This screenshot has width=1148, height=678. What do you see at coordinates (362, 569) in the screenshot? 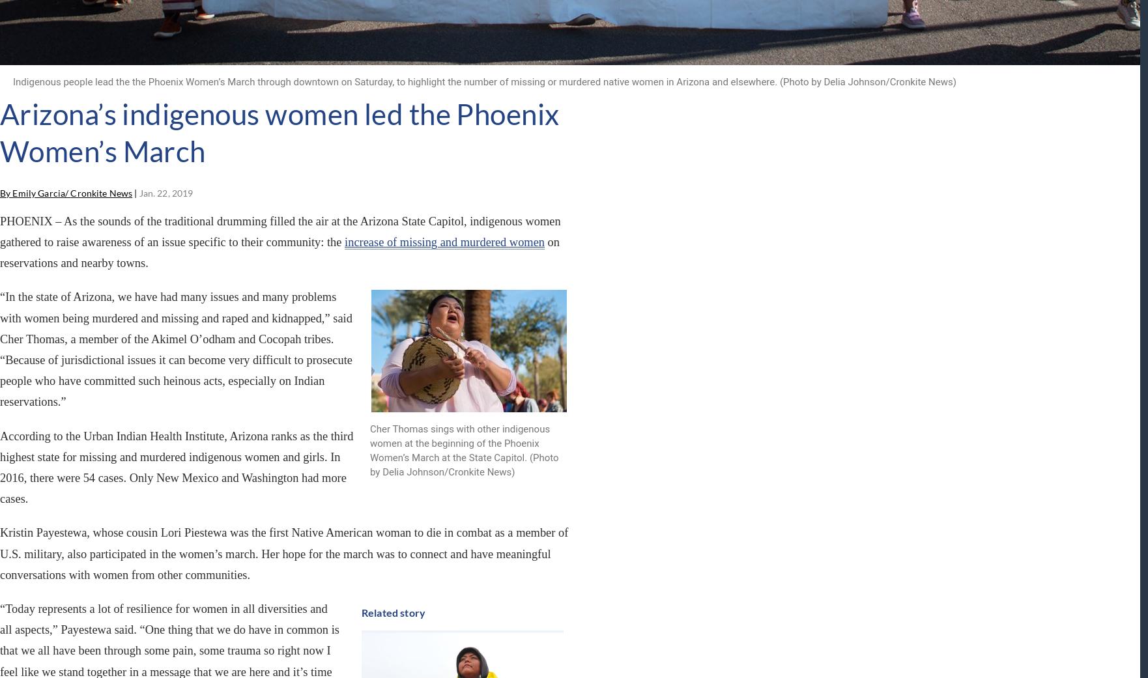
I see `'Cronkite News content'` at bounding box center [362, 569].